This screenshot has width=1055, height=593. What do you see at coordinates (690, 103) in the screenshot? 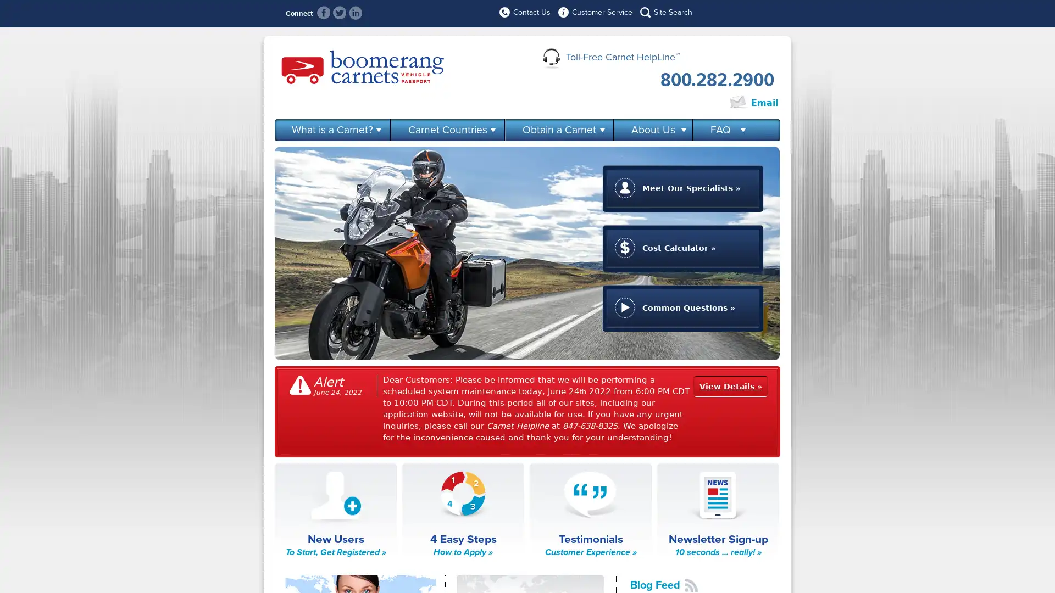
I see `Click to Chat` at bounding box center [690, 103].